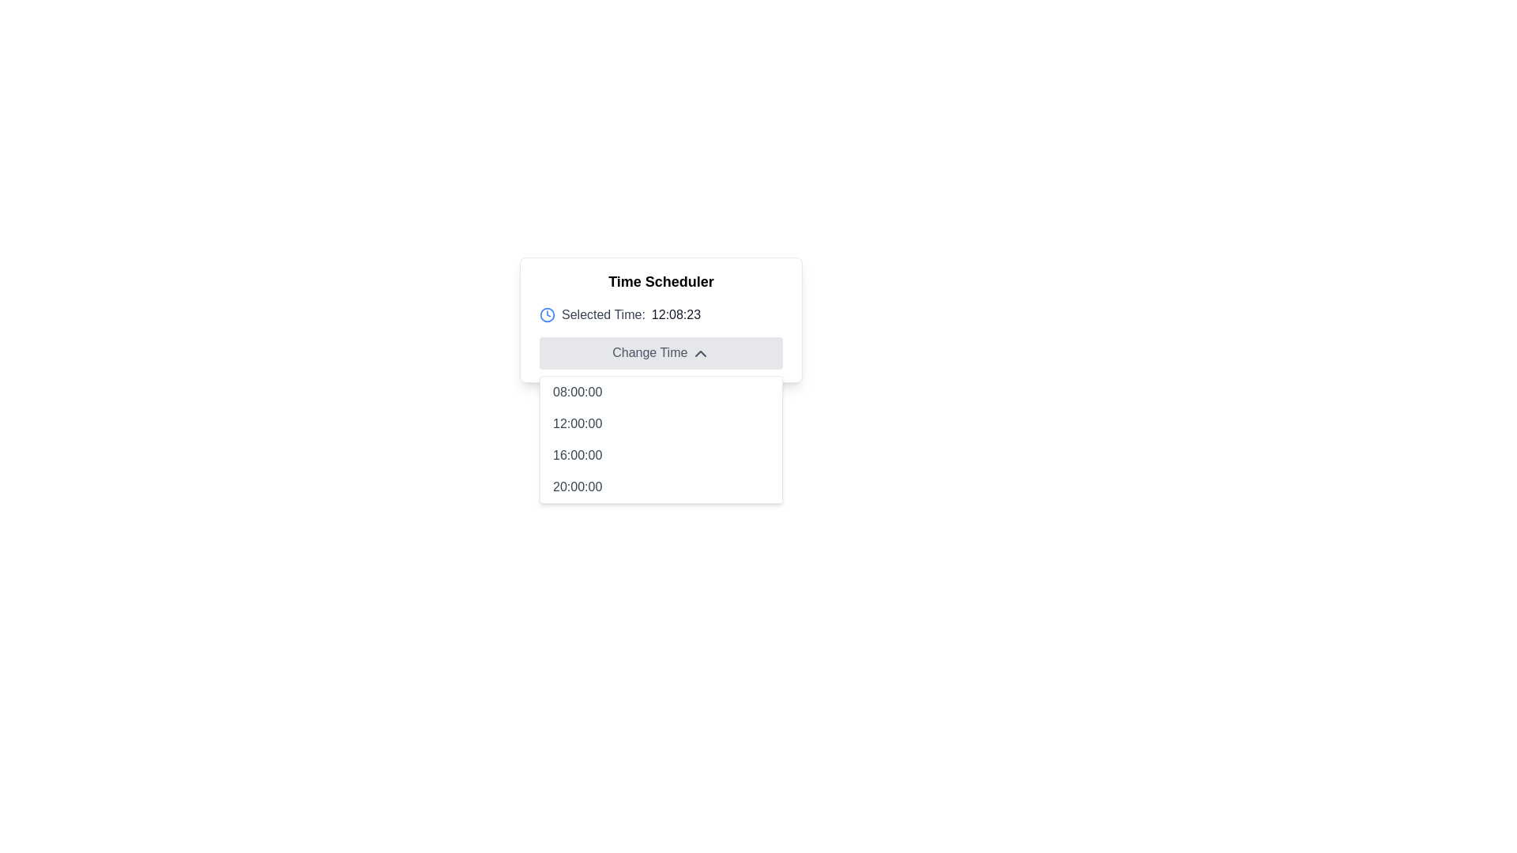 The width and height of the screenshot is (1517, 853). I want to click on the clock icon, which is a blue circular outline with a hand pointing towards the center, located to the left of the text 'Selected Time: 12:08:23', so click(547, 314).